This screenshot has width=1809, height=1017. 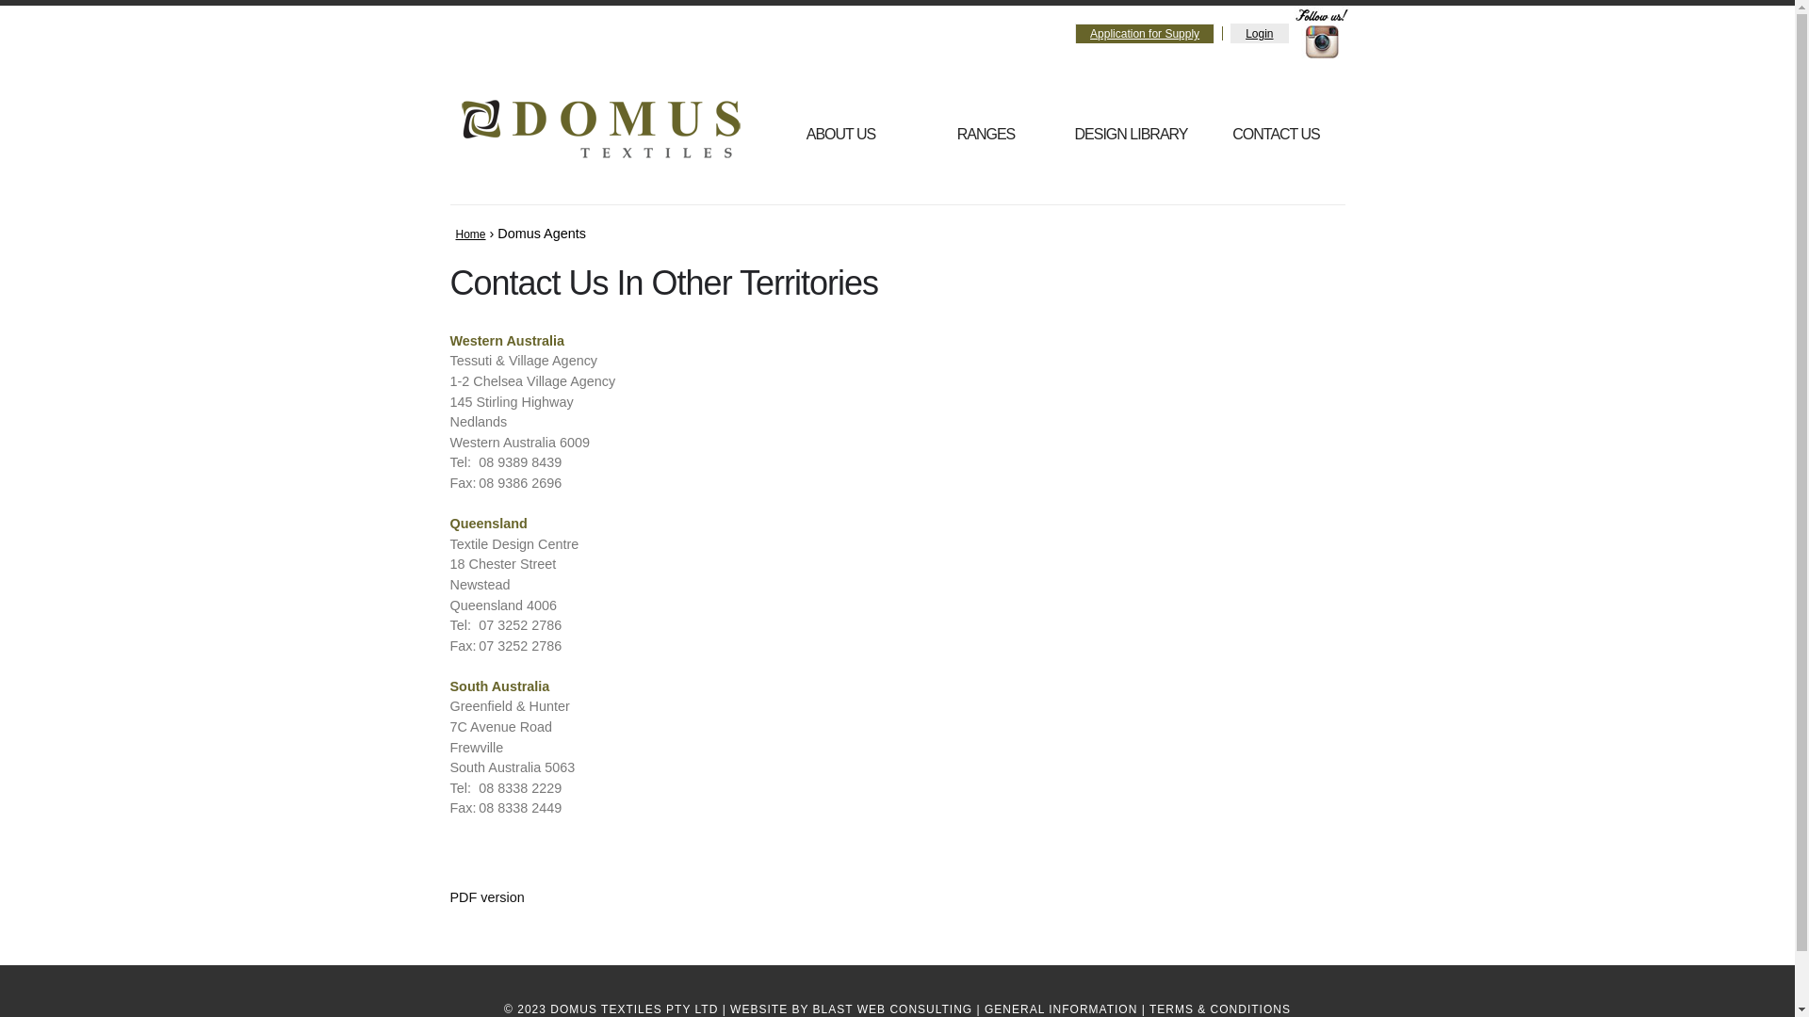 What do you see at coordinates (839, 133) in the screenshot?
I see `'ABOUT US'` at bounding box center [839, 133].